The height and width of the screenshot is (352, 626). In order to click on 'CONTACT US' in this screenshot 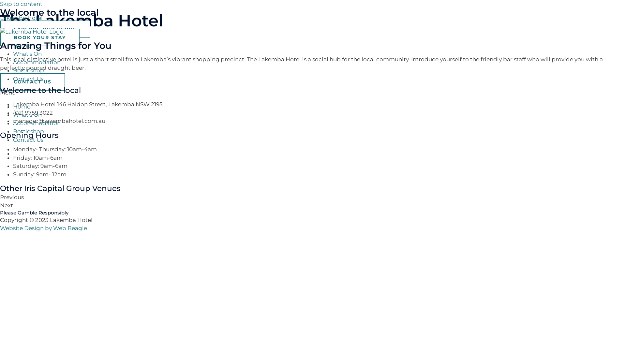, I will do `click(32, 81)`.